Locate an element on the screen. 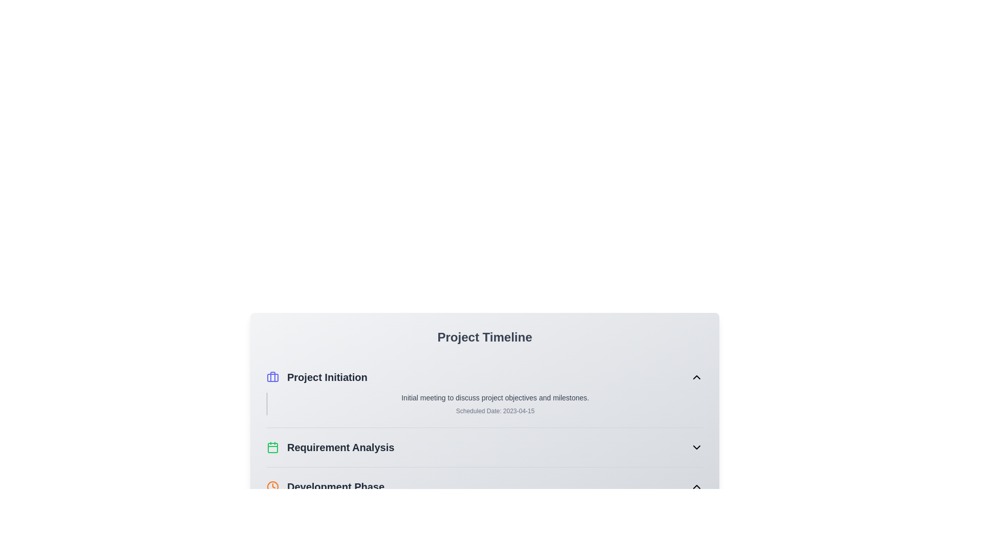 Image resolution: width=983 pixels, height=553 pixels. the Text Label displaying 'Development Phase' located in the 'Project Timeline' section, positioned to the right of a clock icon is located at coordinates (336, 486).